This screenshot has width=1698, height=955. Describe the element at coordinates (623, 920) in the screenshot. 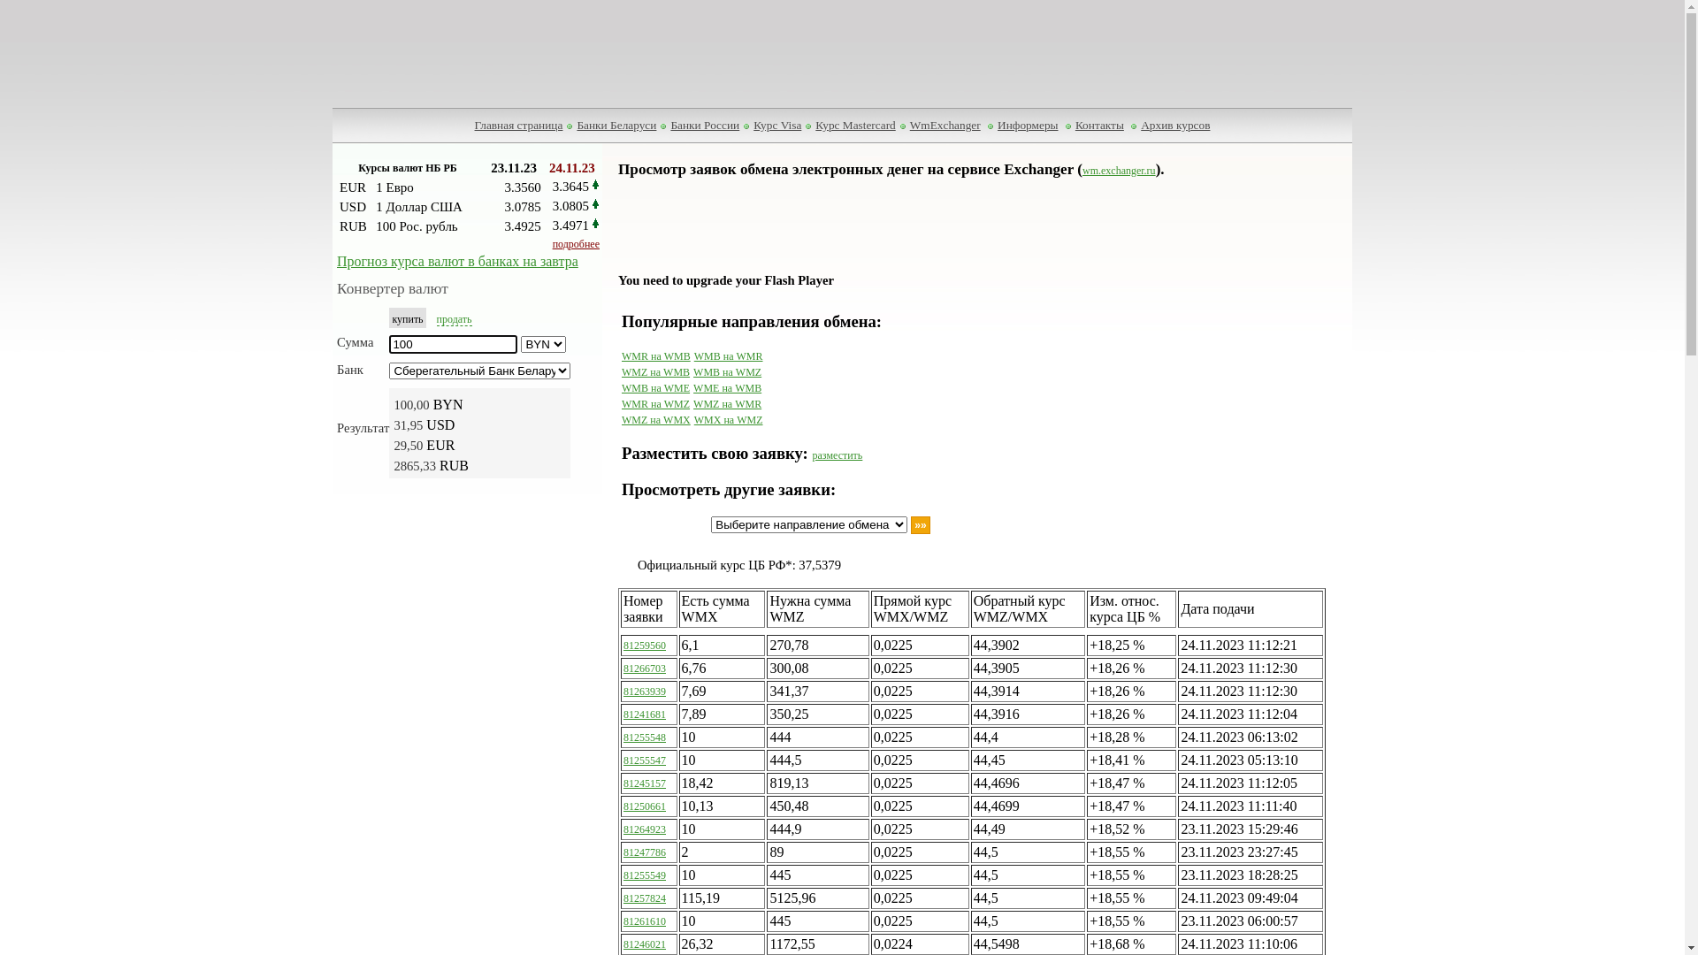

I see `'81261610'` at that location.